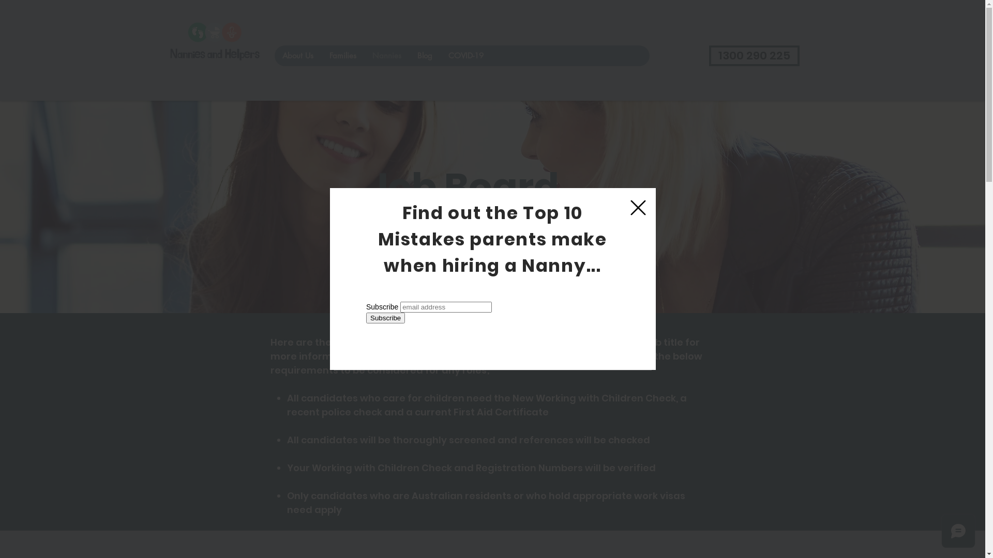  I want to click on 'Embedded Content', so click(362, 332).